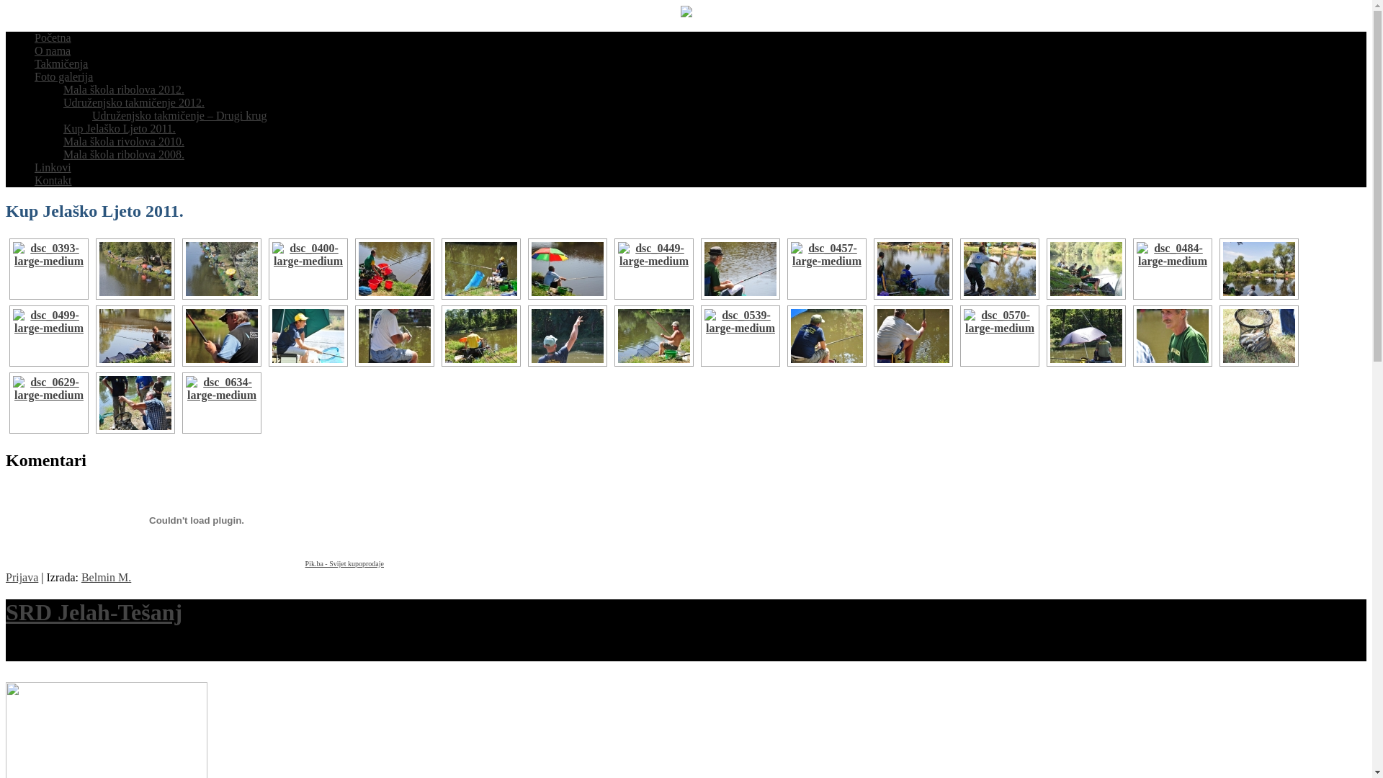 The height and width of the screenshot is (778, 1383). What do you see at coordinates (826, 269) in the screenshot?
I see `'dsc_0457-large-medium'` at bounding box center [826, 269].